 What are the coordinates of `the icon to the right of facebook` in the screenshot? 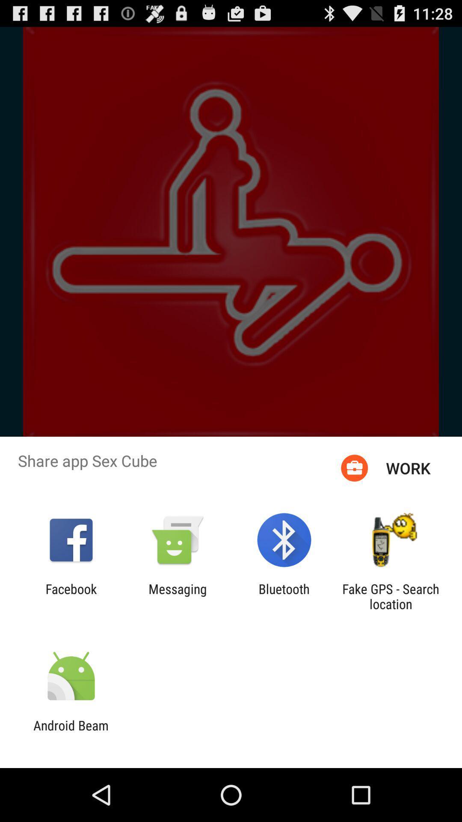 It's located at (177, 596).